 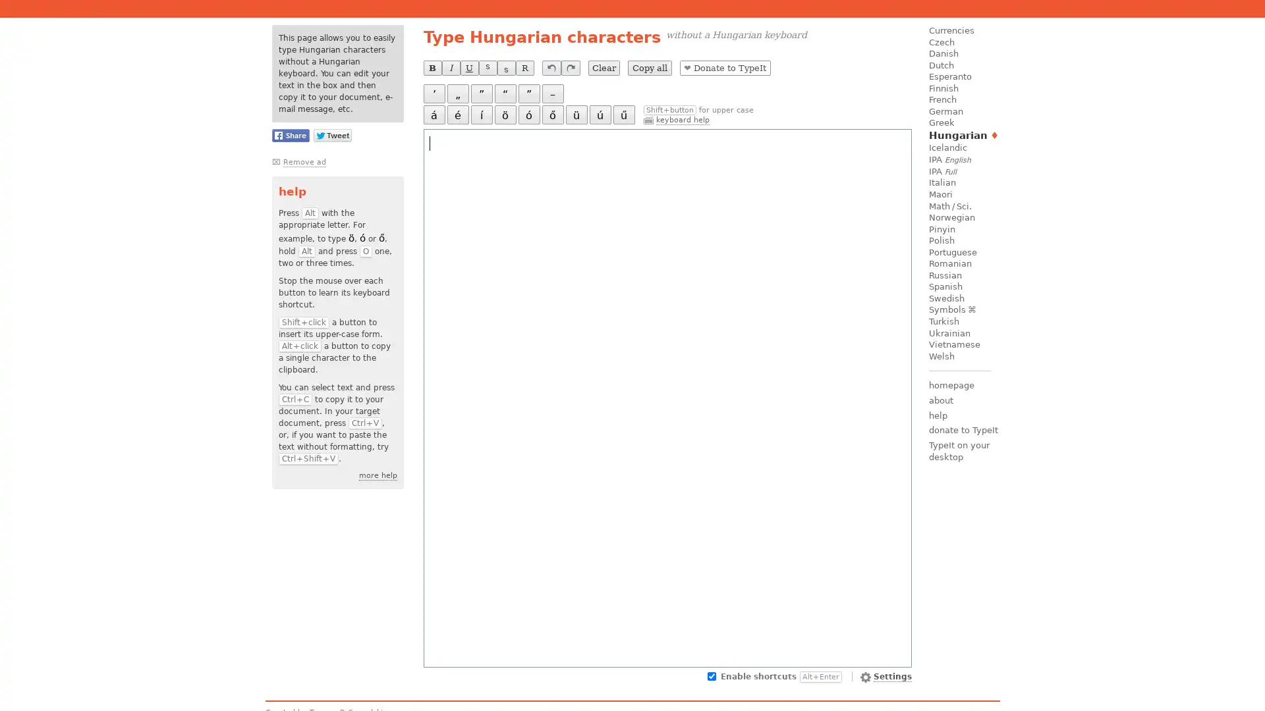 What do you see at coordinates (457, 114) in the screenshot?
I see `e` at bounding box center [457, 114].